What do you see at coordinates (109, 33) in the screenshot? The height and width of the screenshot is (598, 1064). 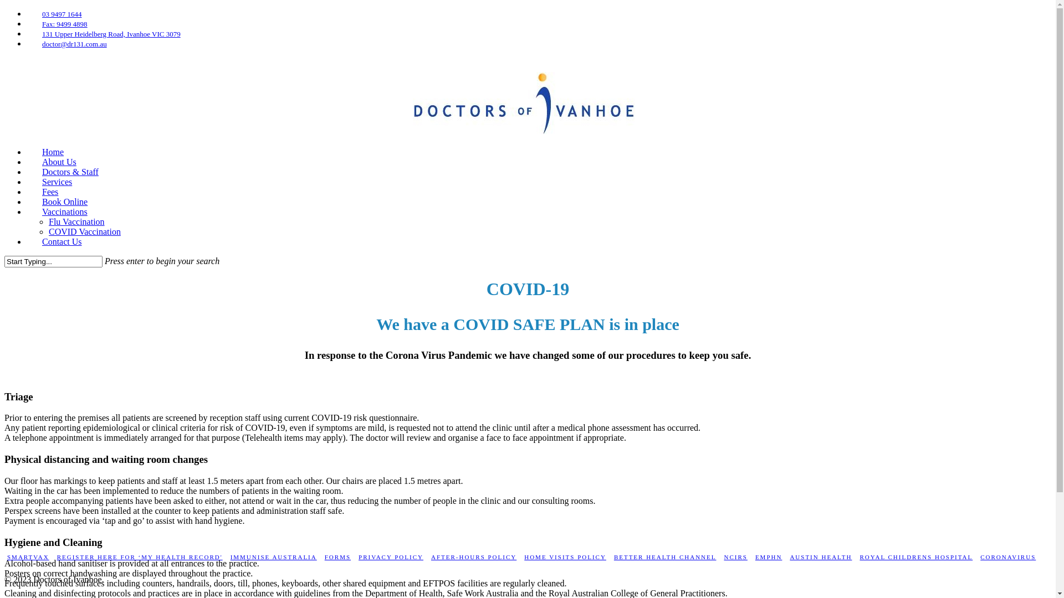 I see `'131 Upper Heidelberg Road, Ivanhoe VIC 3079'` at bounding box center [109, 33].